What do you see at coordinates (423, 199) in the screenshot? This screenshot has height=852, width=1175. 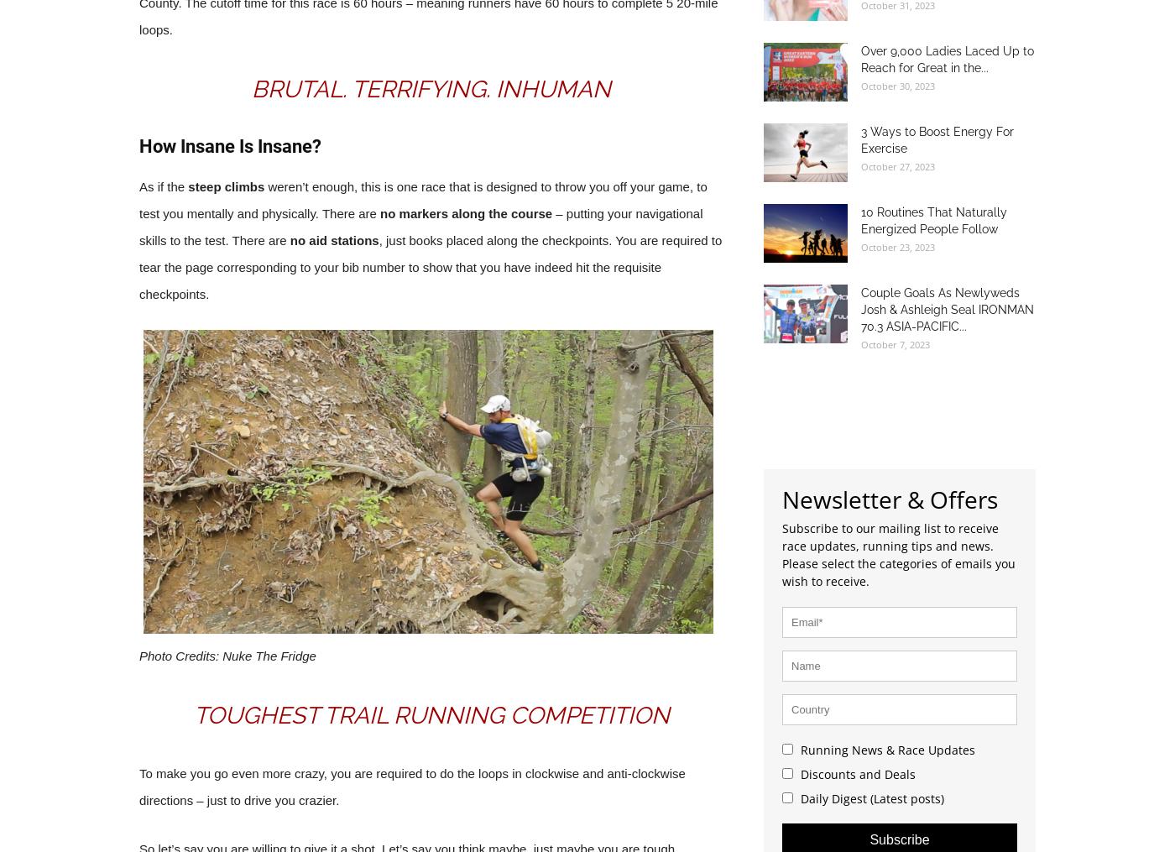 I see `'weren’t enough, this is one race that is designed to throw you off your game, to test you mentally and physically. There are'` at bounding box center [423, 199].